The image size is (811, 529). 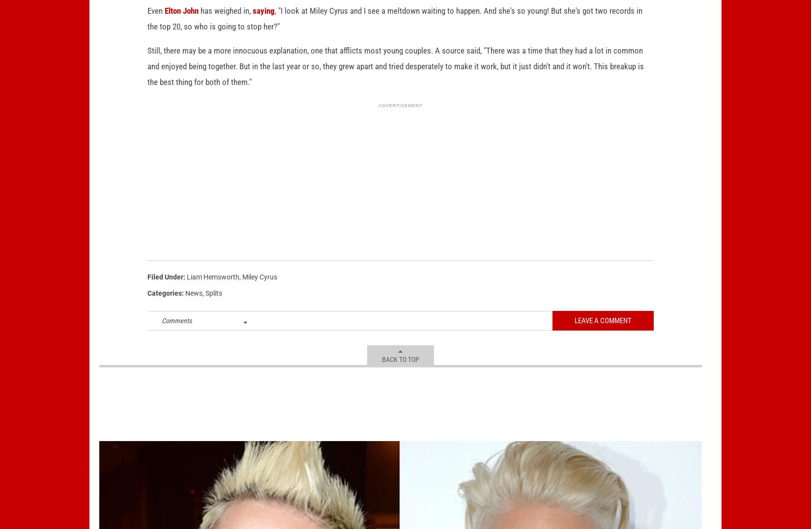 What do you see at coordinates (165, 292) in the screenshot?
I see `'Filed Under'` at bounding box center [165, 292].